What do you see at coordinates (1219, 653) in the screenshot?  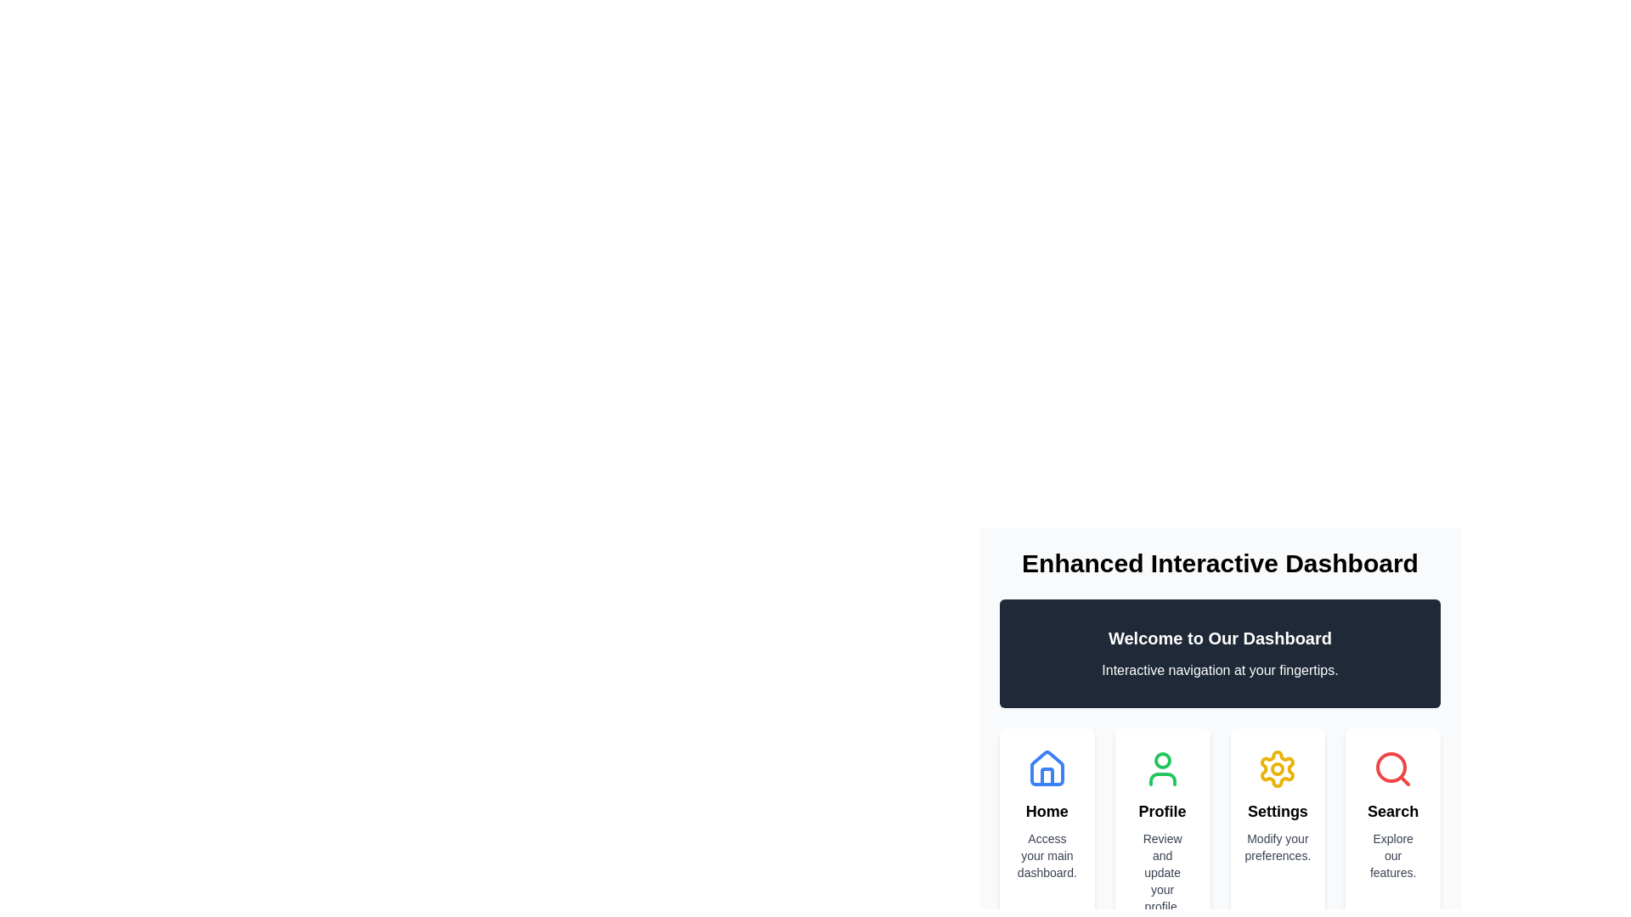 I see `the prominent introductory static text section at the top of the dashboard, which includes a title and subtitle` at bounding box center [1219, 653].